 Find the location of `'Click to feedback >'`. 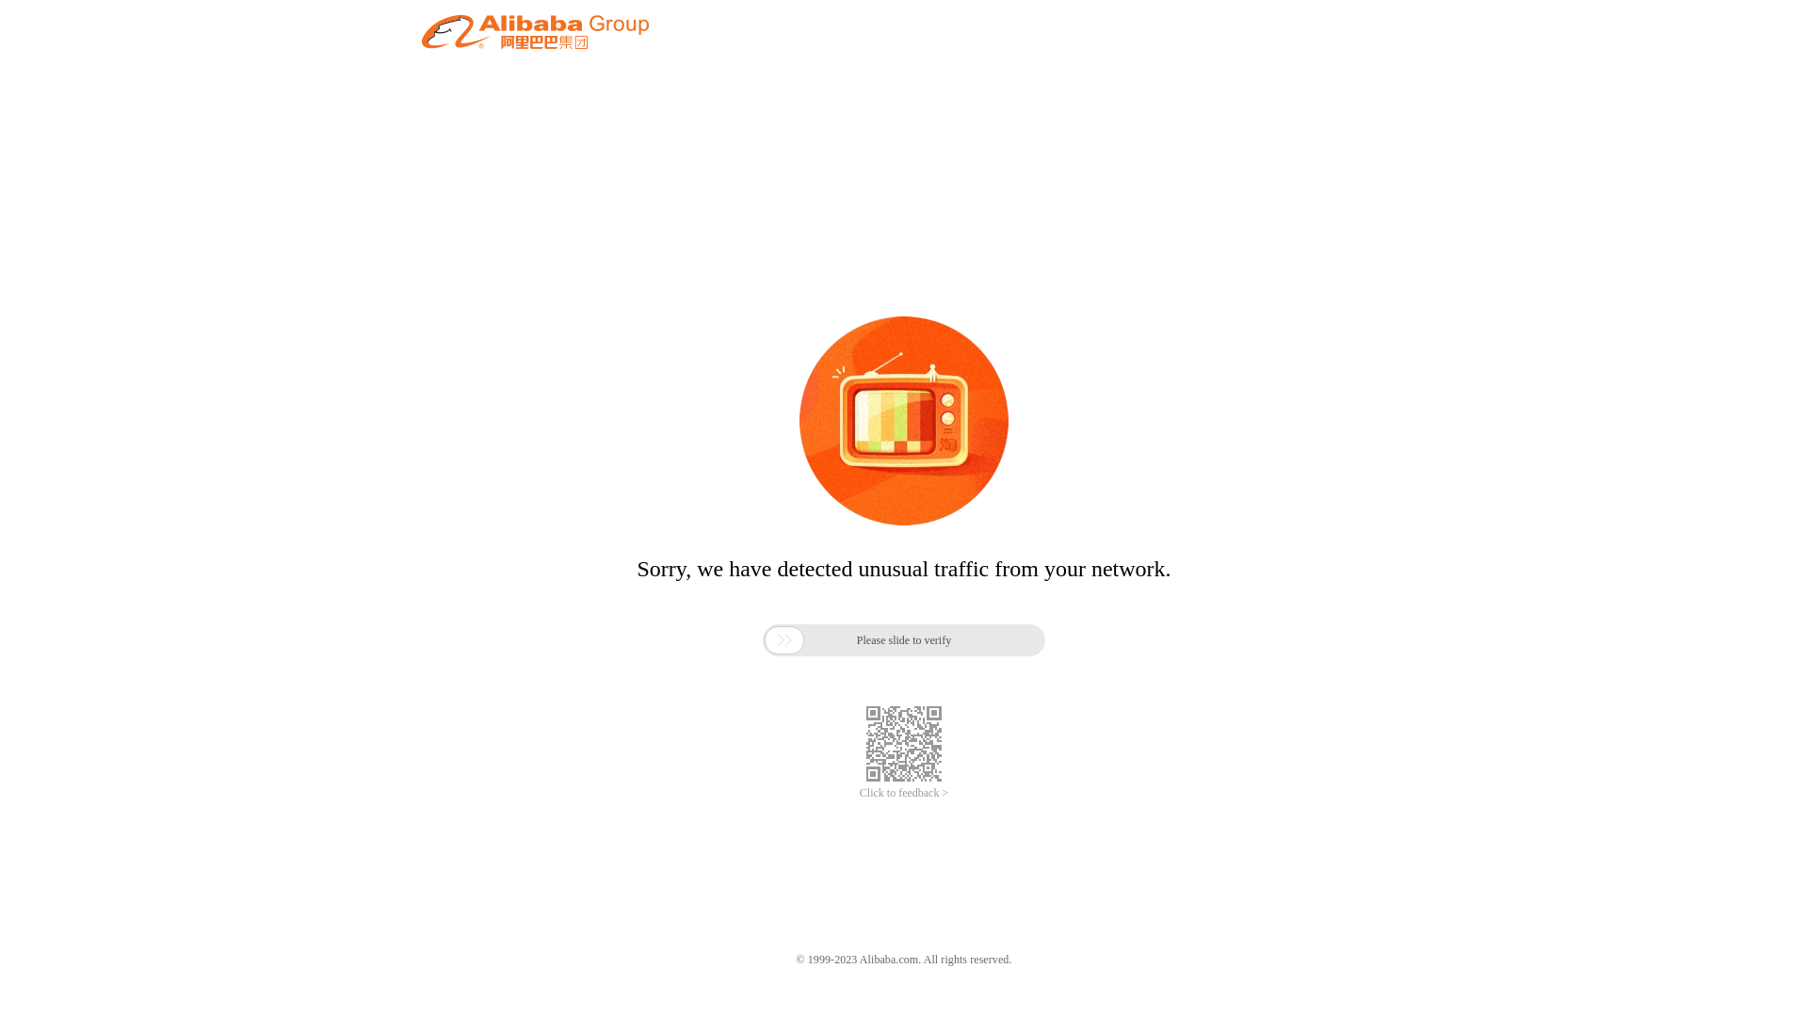

'Click to feedback >' is located at coordinates (904, 793).